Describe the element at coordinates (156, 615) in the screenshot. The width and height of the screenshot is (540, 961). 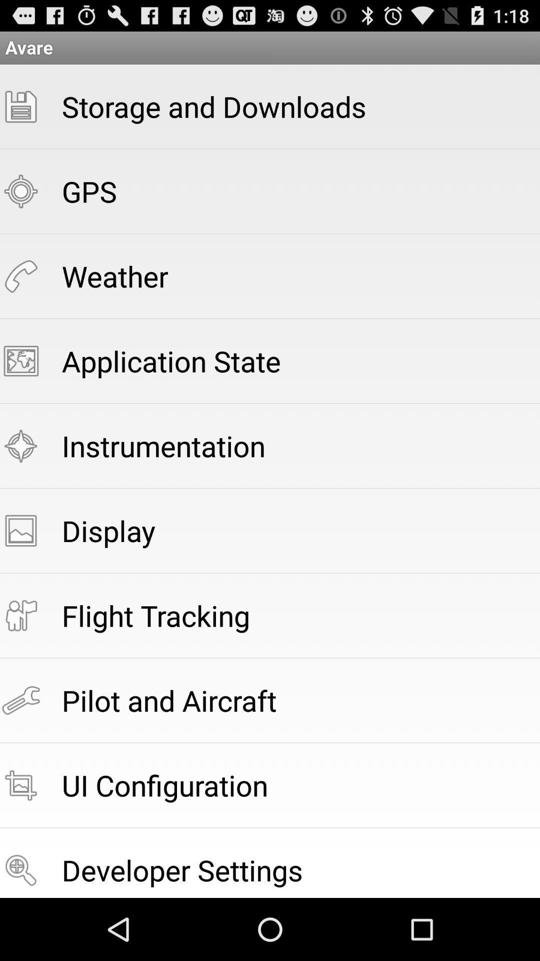
I see `the flight tracking item` at that location.